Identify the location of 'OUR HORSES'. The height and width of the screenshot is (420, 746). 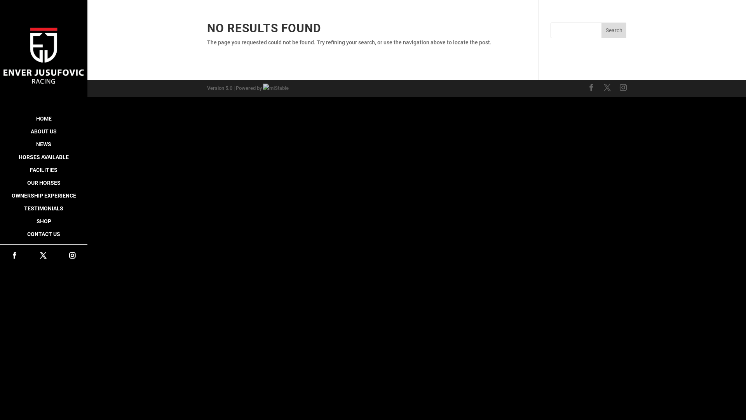
(43, 186).